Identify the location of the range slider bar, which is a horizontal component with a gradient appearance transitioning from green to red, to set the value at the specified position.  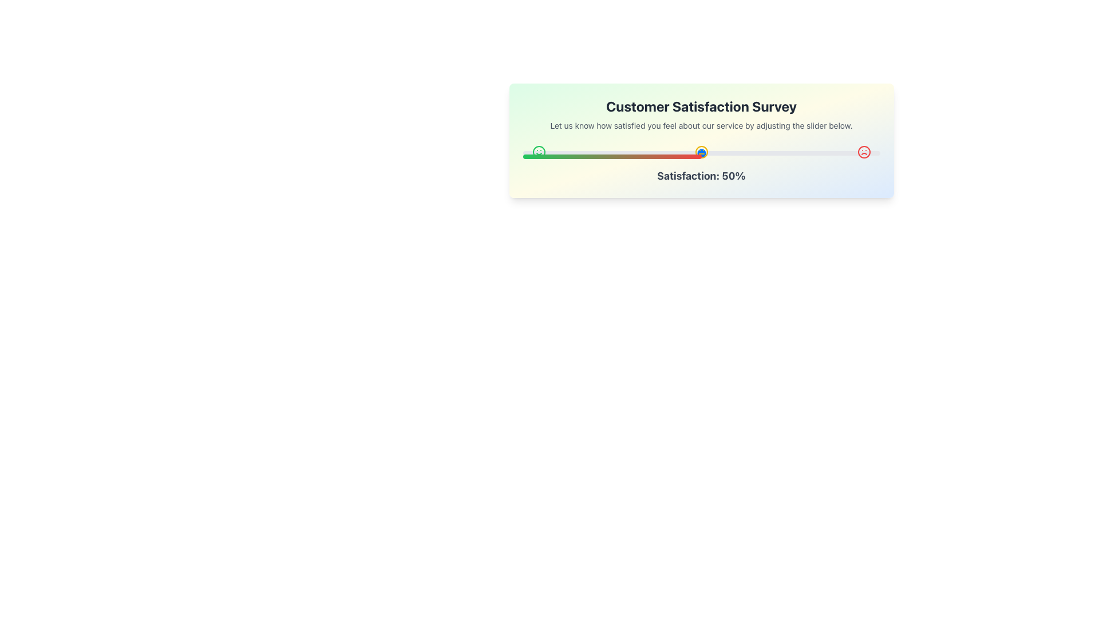
(701, 152).